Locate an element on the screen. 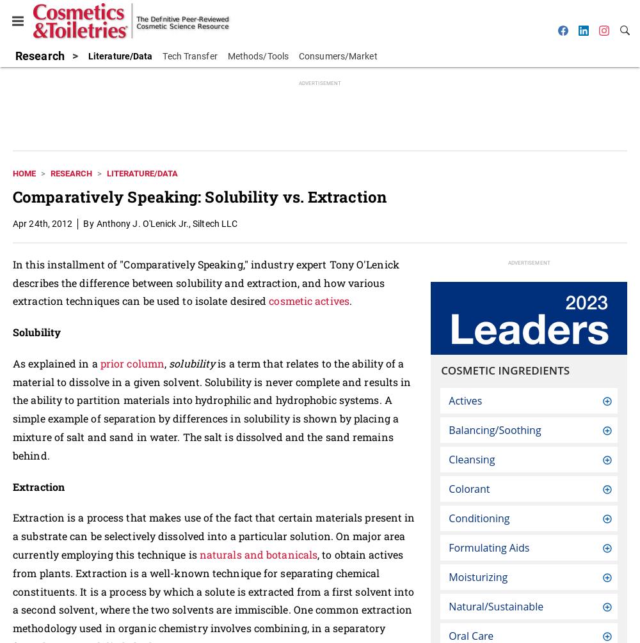  'Solubility' is located at coordinates (36, 332).